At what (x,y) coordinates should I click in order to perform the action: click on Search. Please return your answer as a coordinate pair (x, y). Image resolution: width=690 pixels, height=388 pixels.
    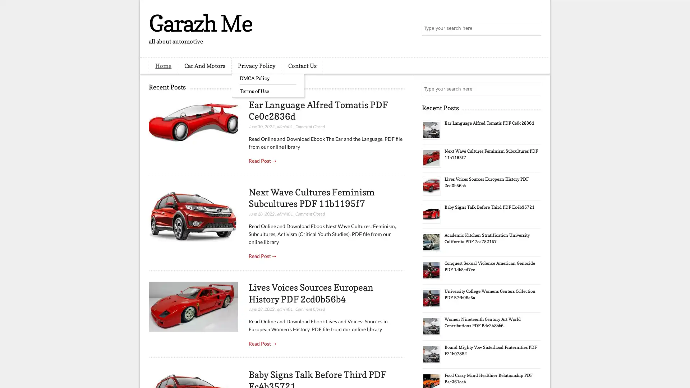
    Looking at the image, I should click on (534, 29).